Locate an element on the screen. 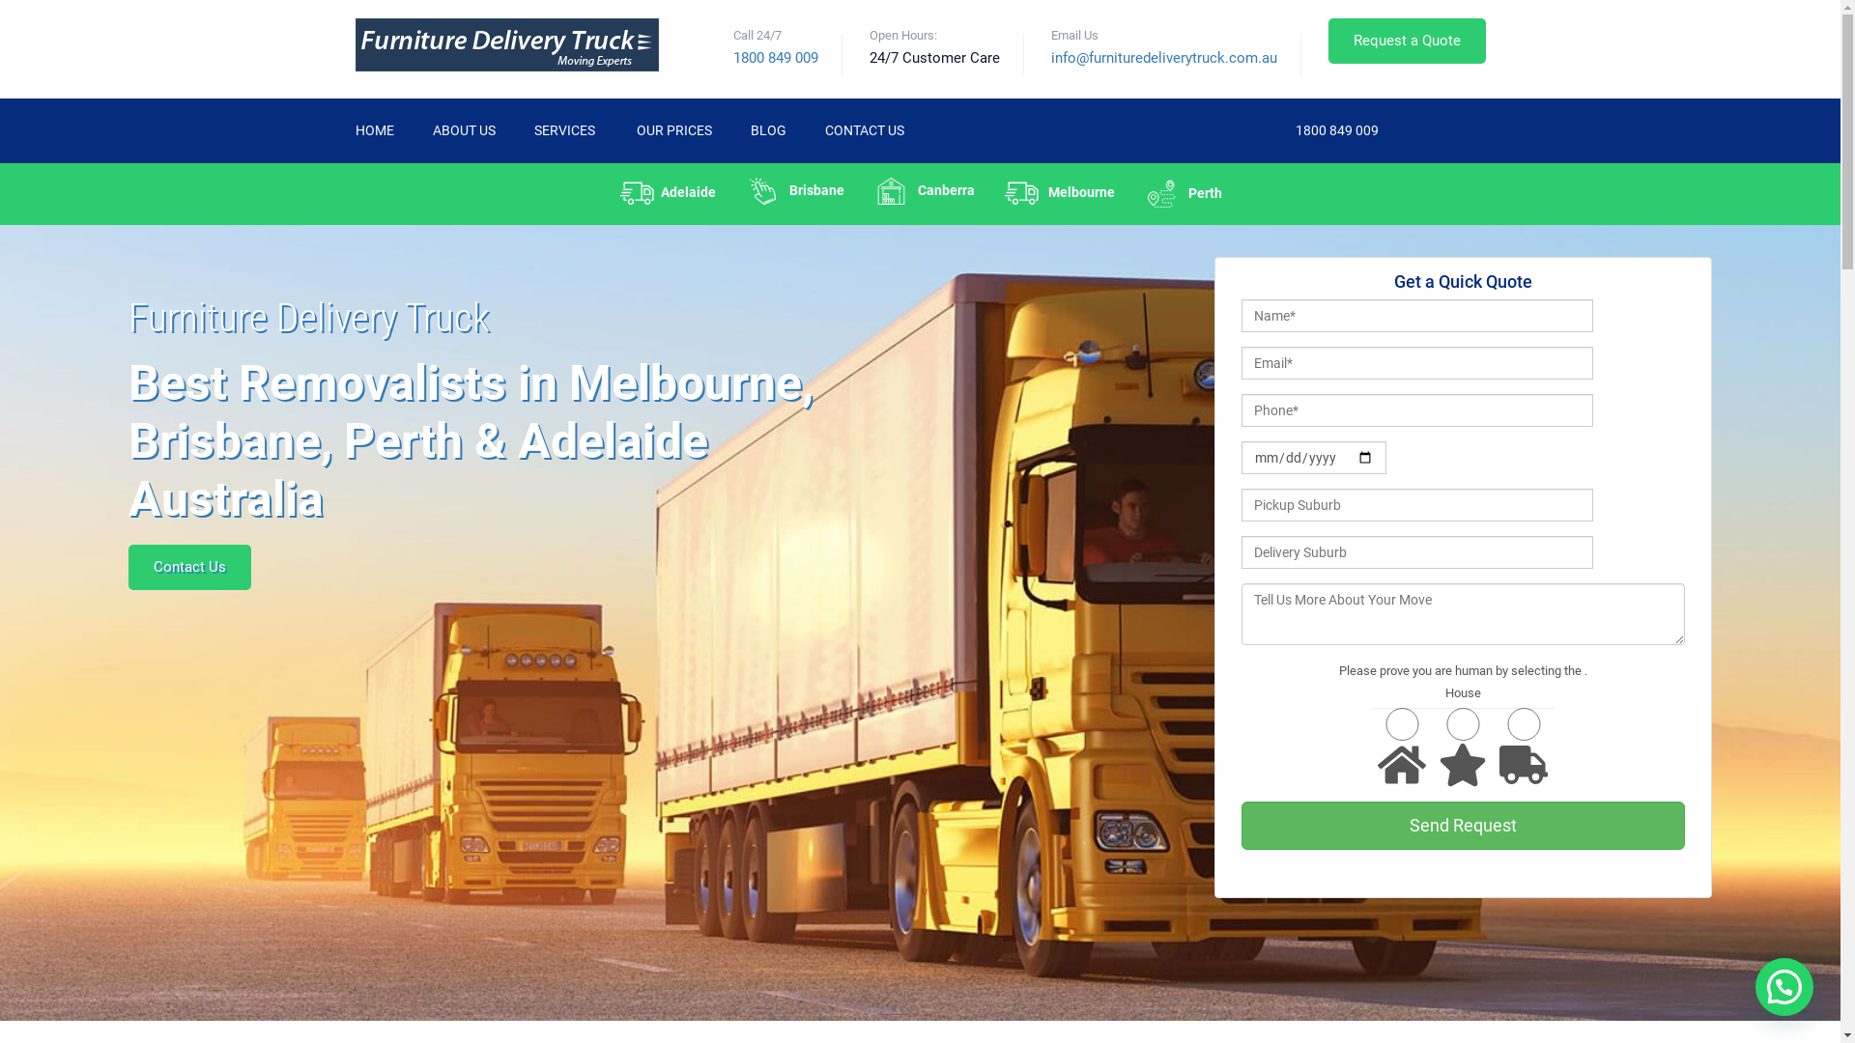 This screenshot has width=1855, height=1043. 'Send Request' is located at coordinates (1462, 826).